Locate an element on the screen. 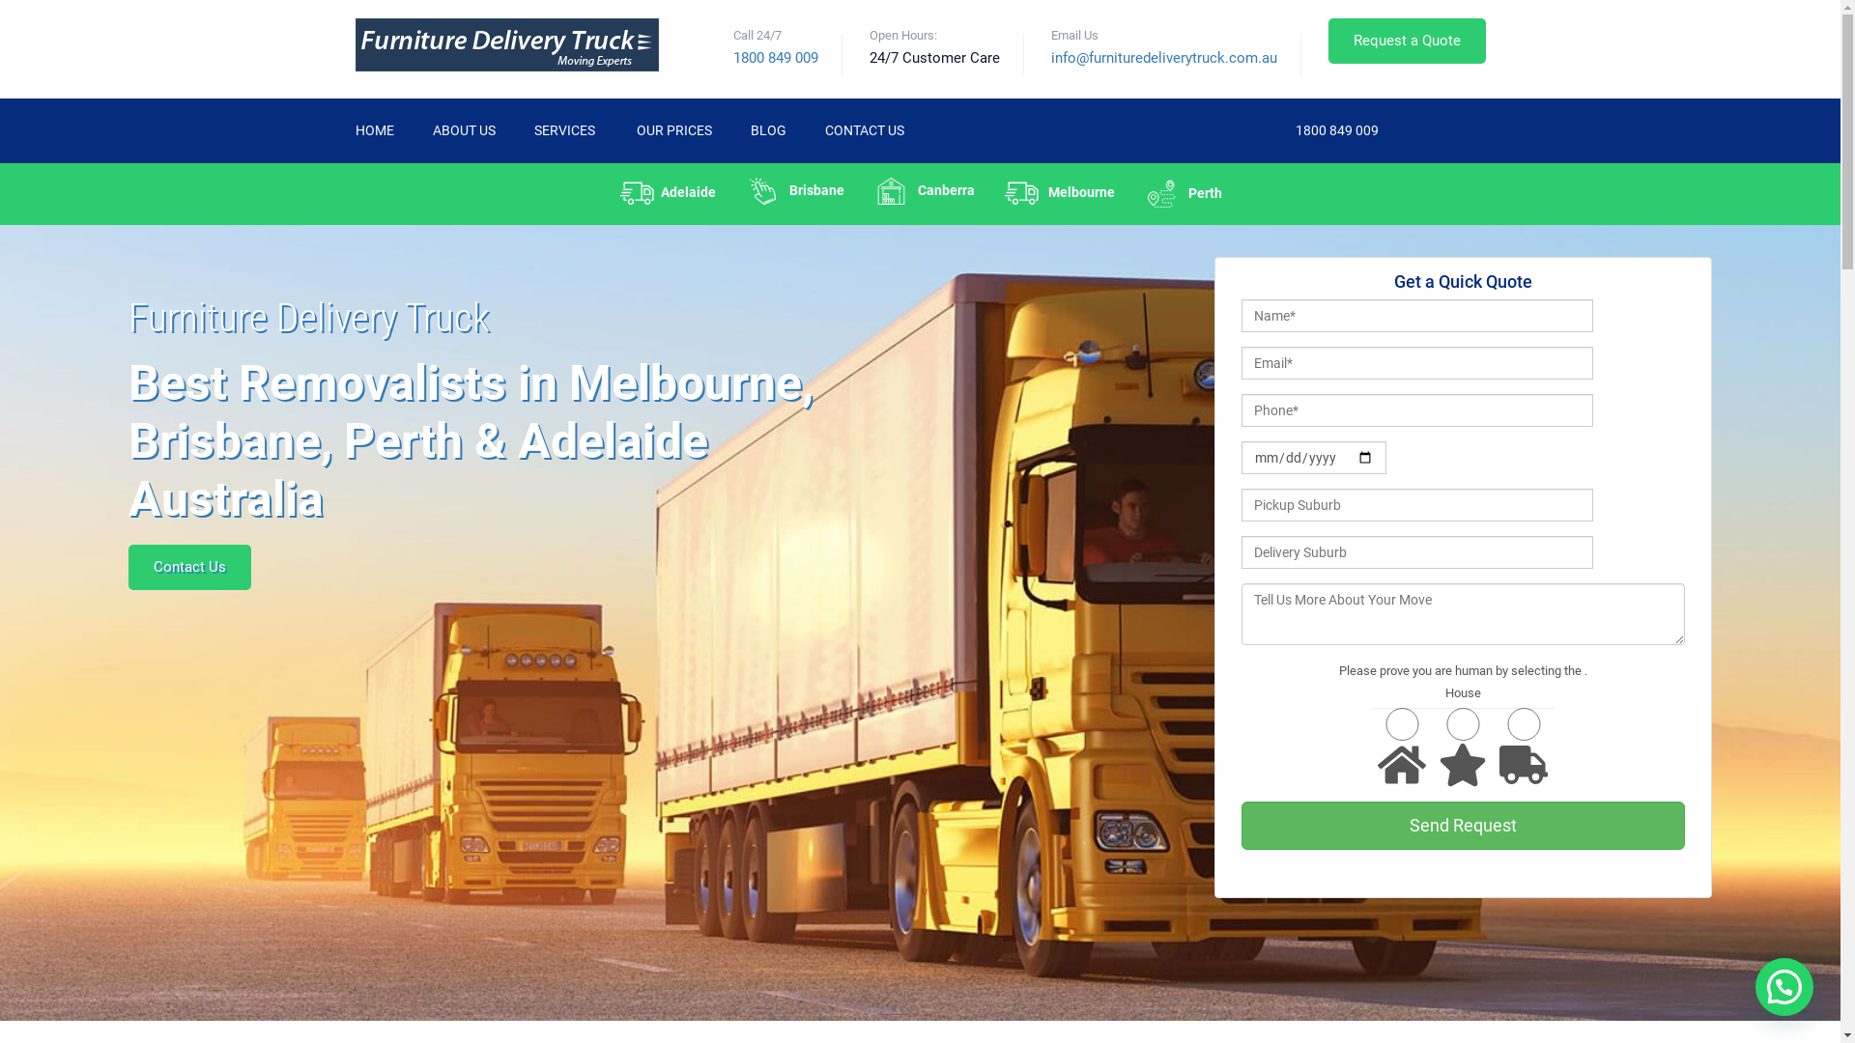 This screenshot has width=1855, height=1043. 'Send Request' is located at coordinates (1462, 826).